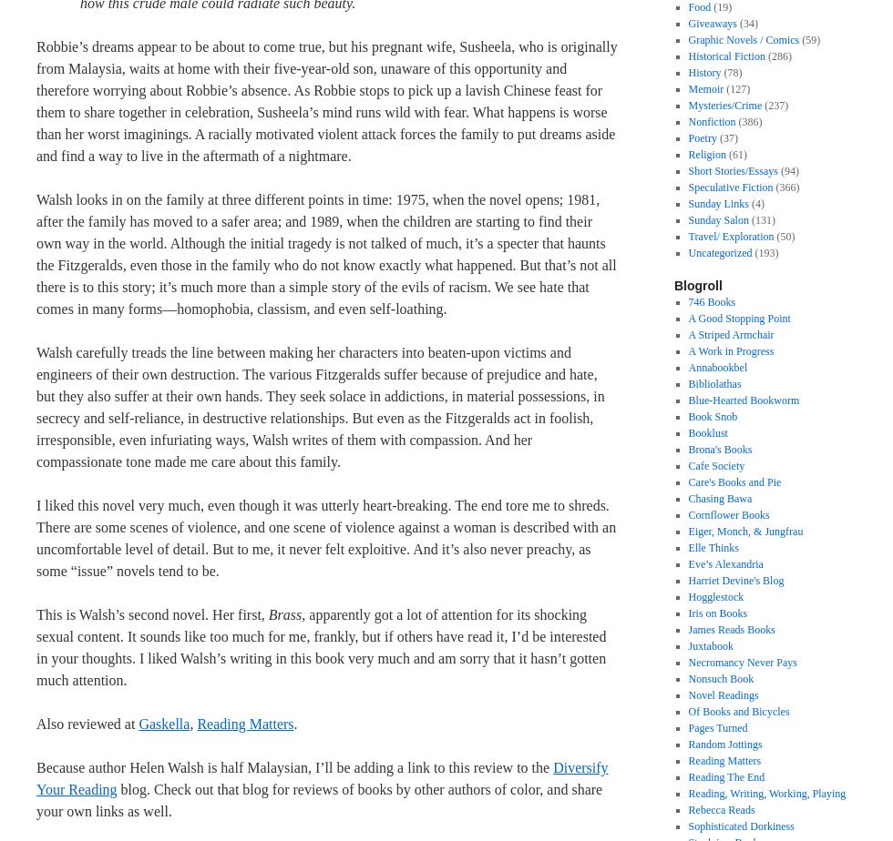 Image resolution: width=893 pixels, height=841 pixels. Describe the element at coordinates (687, 727) in the screenshot. I see `'Pages Turned'` at that location.